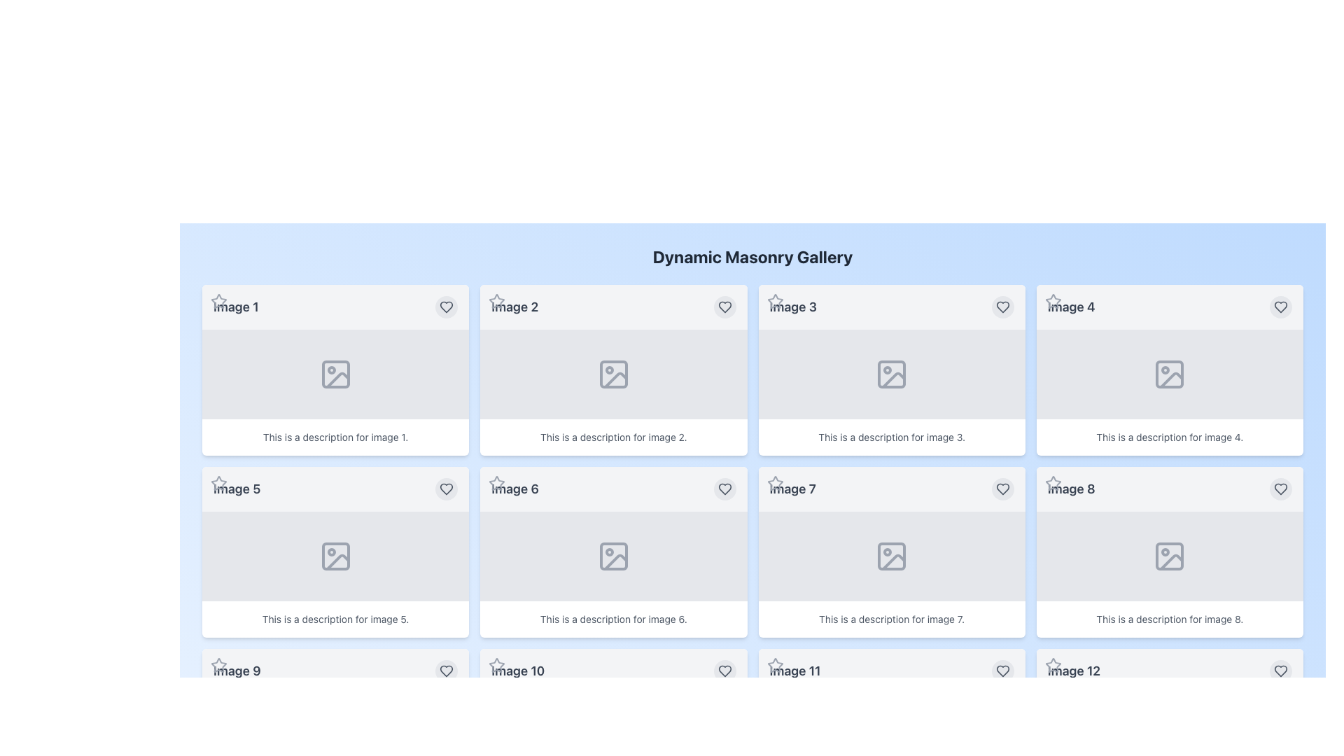 This screenshot has width=1344, height=756. Describe the element at coordinates (724, 488) in the screenshot. I see `the heart-shaped icon located in the top-right corner of the card labeled 'Image 6'` at that location.